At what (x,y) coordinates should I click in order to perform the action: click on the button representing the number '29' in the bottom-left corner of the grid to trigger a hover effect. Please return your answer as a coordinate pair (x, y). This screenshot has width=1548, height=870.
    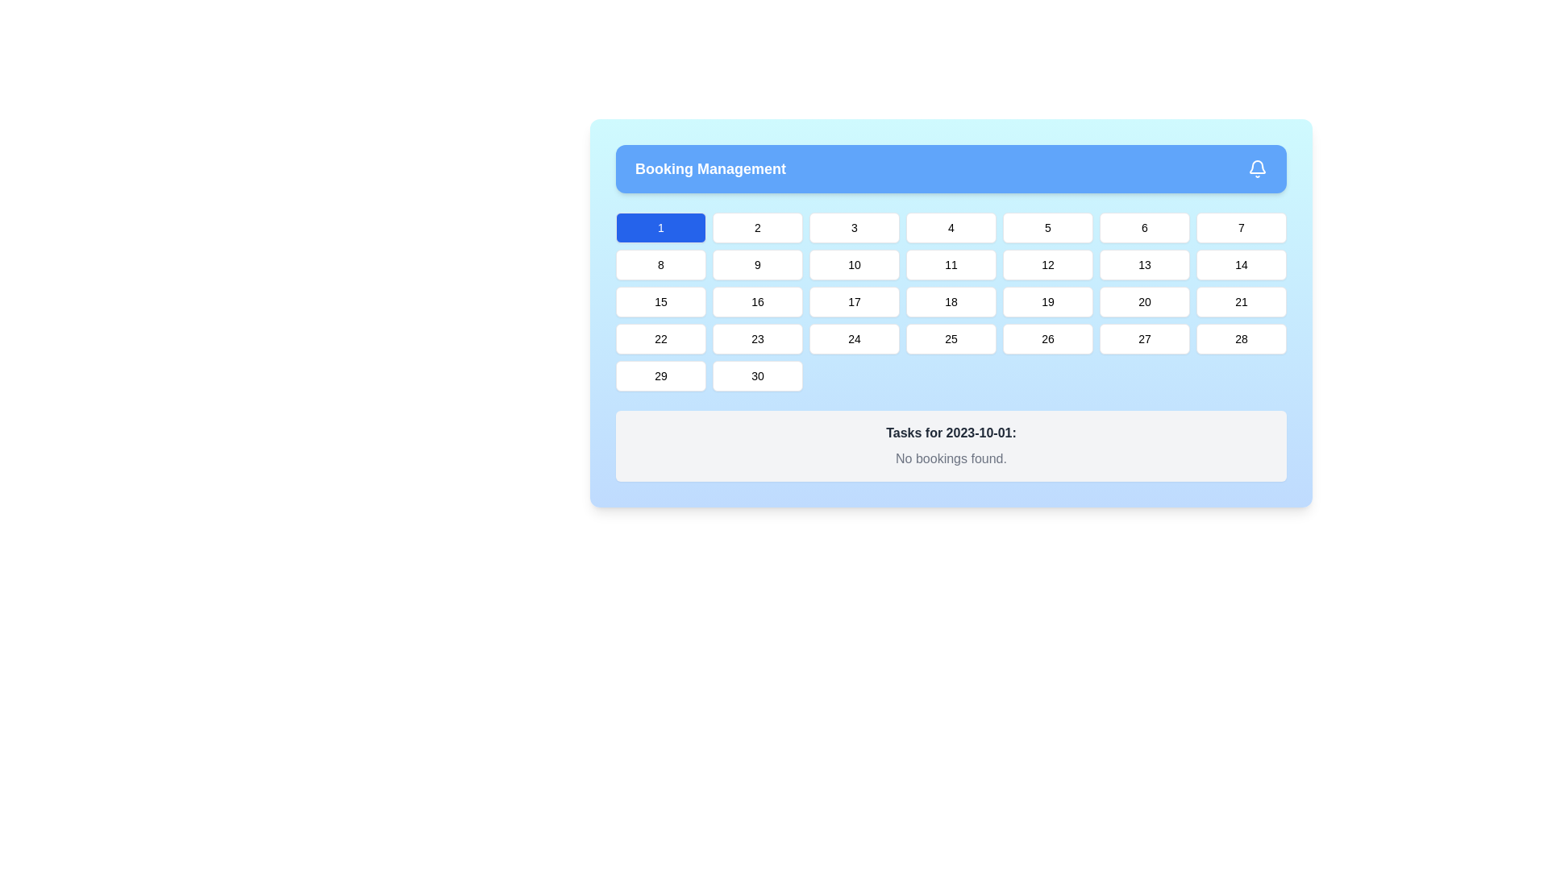
    Looking at the image, I should click on (661, 375).